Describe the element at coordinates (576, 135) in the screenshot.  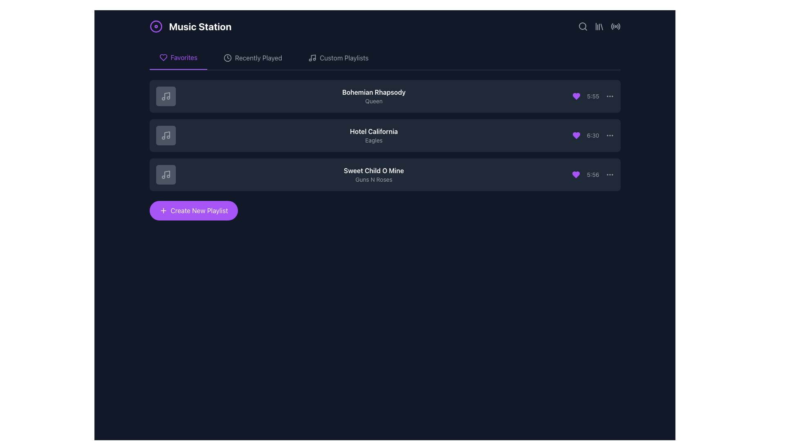
I see `the heart-shaped favoriting indicator icon, which is filled purple and located next to the time indicator '6:30' in the second list item of the 'Favorites' tab` at that location.